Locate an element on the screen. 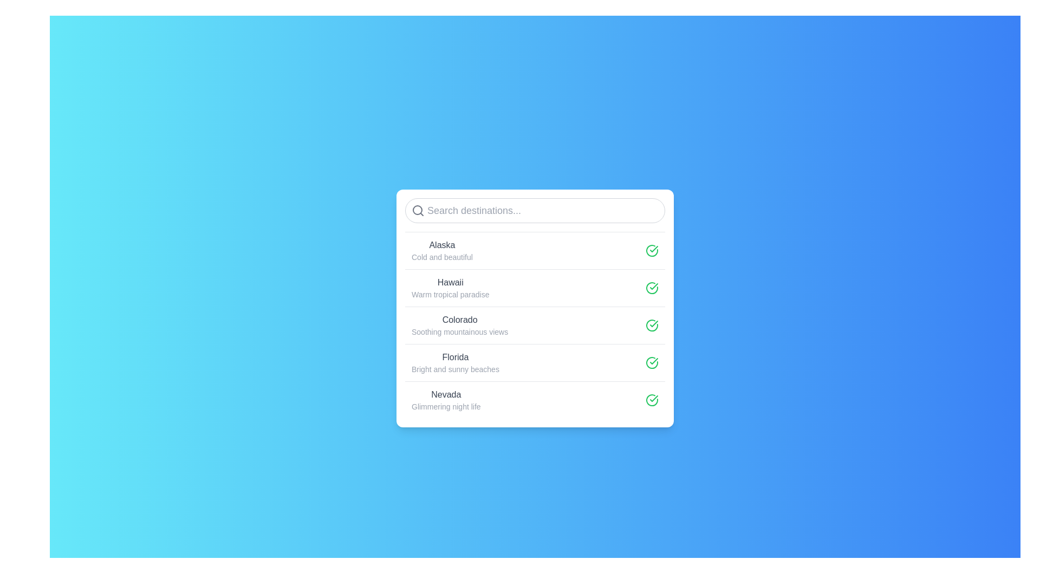  information displayed in the textual display element for 'Alaska', which is located at the top of the vertical list in the right panel, just below the search input bar is located at coordinates (442, 250).